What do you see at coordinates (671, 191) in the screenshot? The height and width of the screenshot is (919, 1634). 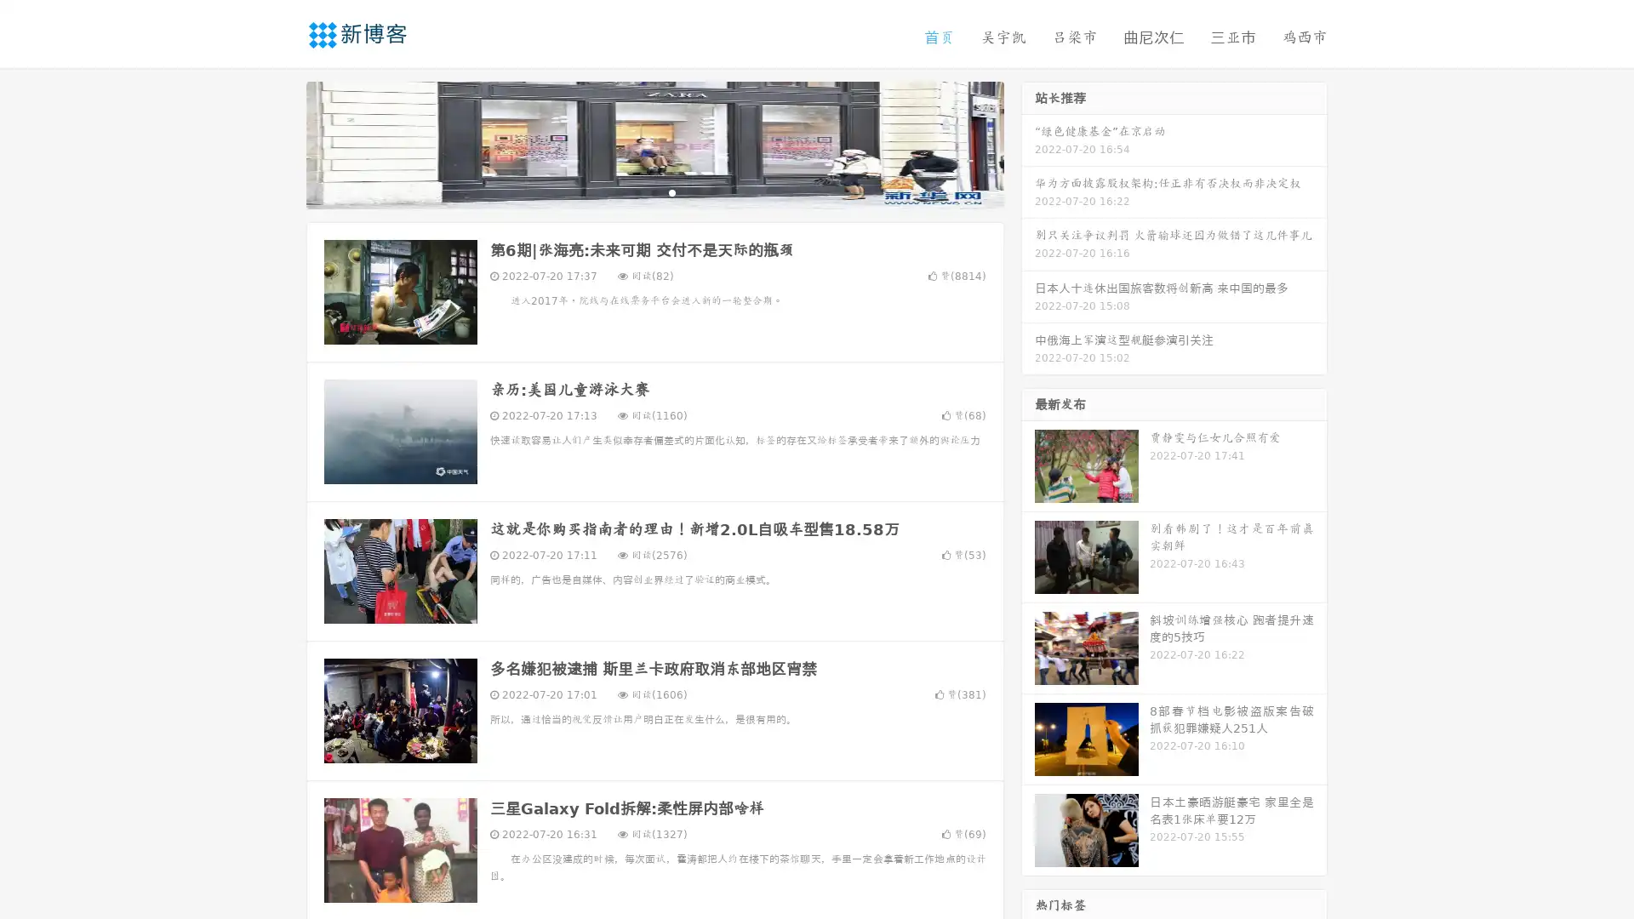 I see `Go to slide 3` at bounding box center [671, 191].